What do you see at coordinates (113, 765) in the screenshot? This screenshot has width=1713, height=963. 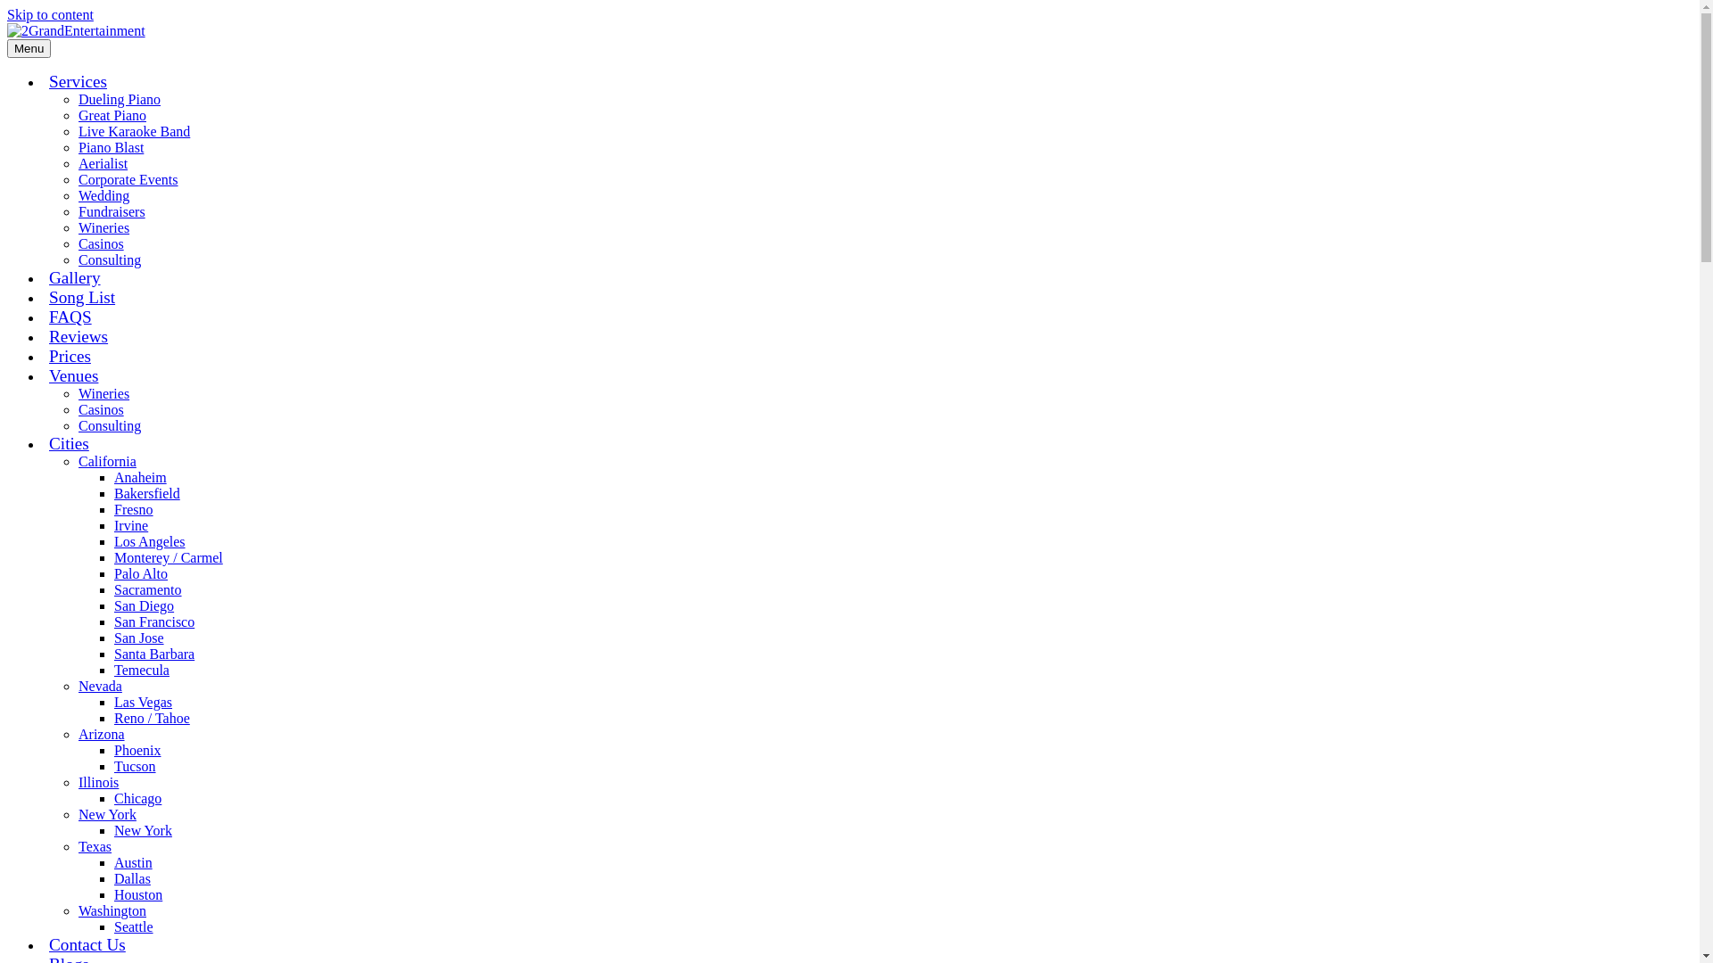 I see `'Tucson'` at bounding box center [113, 765].